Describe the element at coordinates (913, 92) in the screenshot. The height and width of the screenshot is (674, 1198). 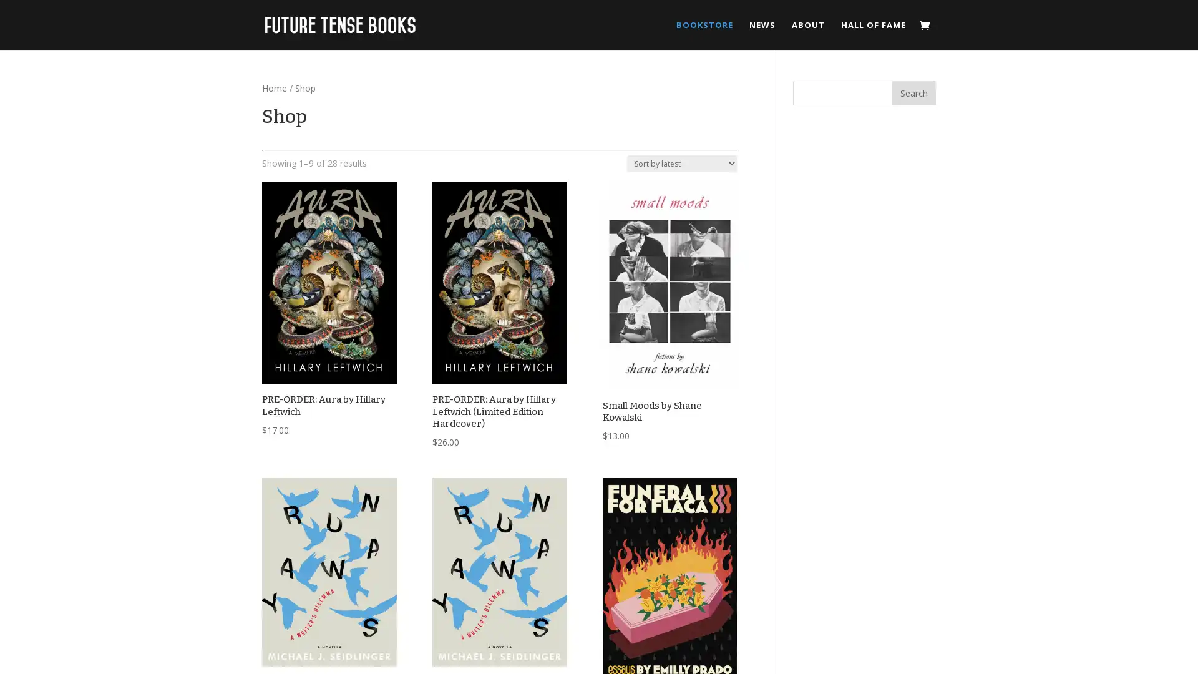
I see `Search` at that location.